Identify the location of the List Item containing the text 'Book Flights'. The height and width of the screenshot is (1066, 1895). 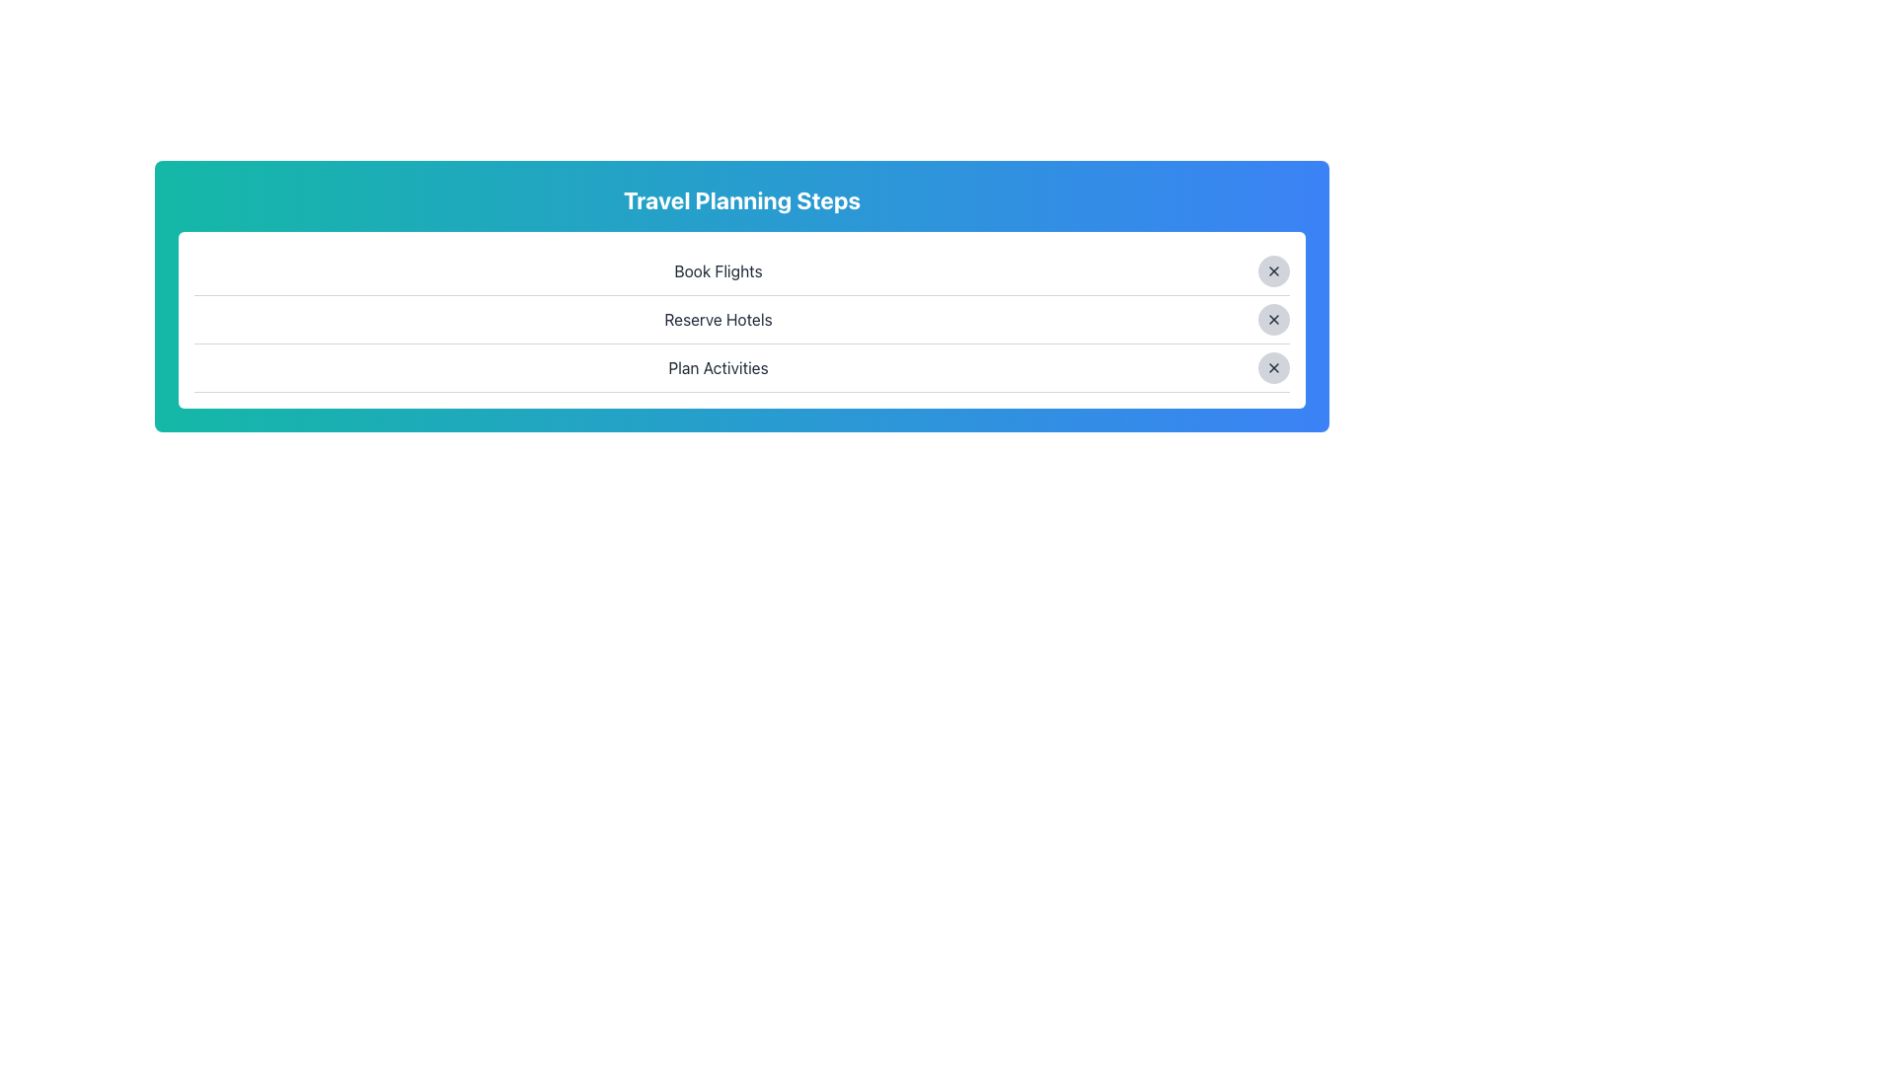
(741, 270).